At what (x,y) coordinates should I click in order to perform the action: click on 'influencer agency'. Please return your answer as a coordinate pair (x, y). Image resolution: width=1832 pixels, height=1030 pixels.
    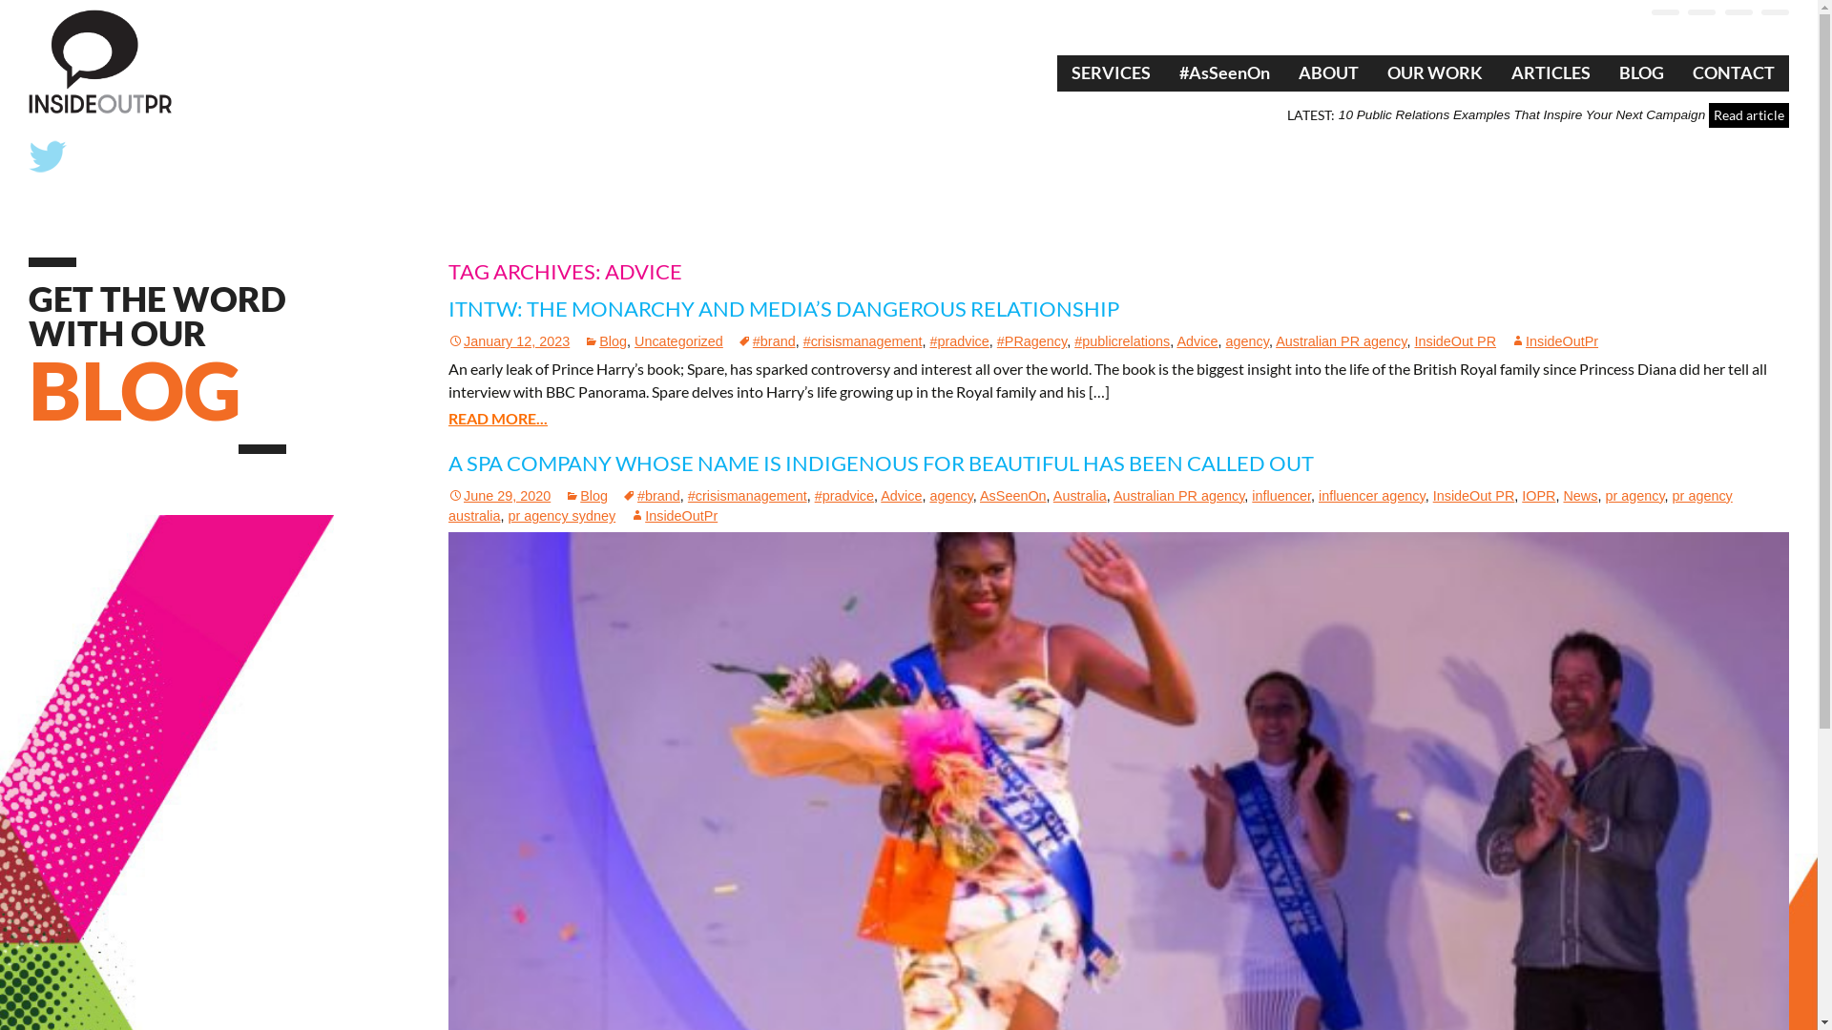
    Looking at the image, I should click on (1318, 495).